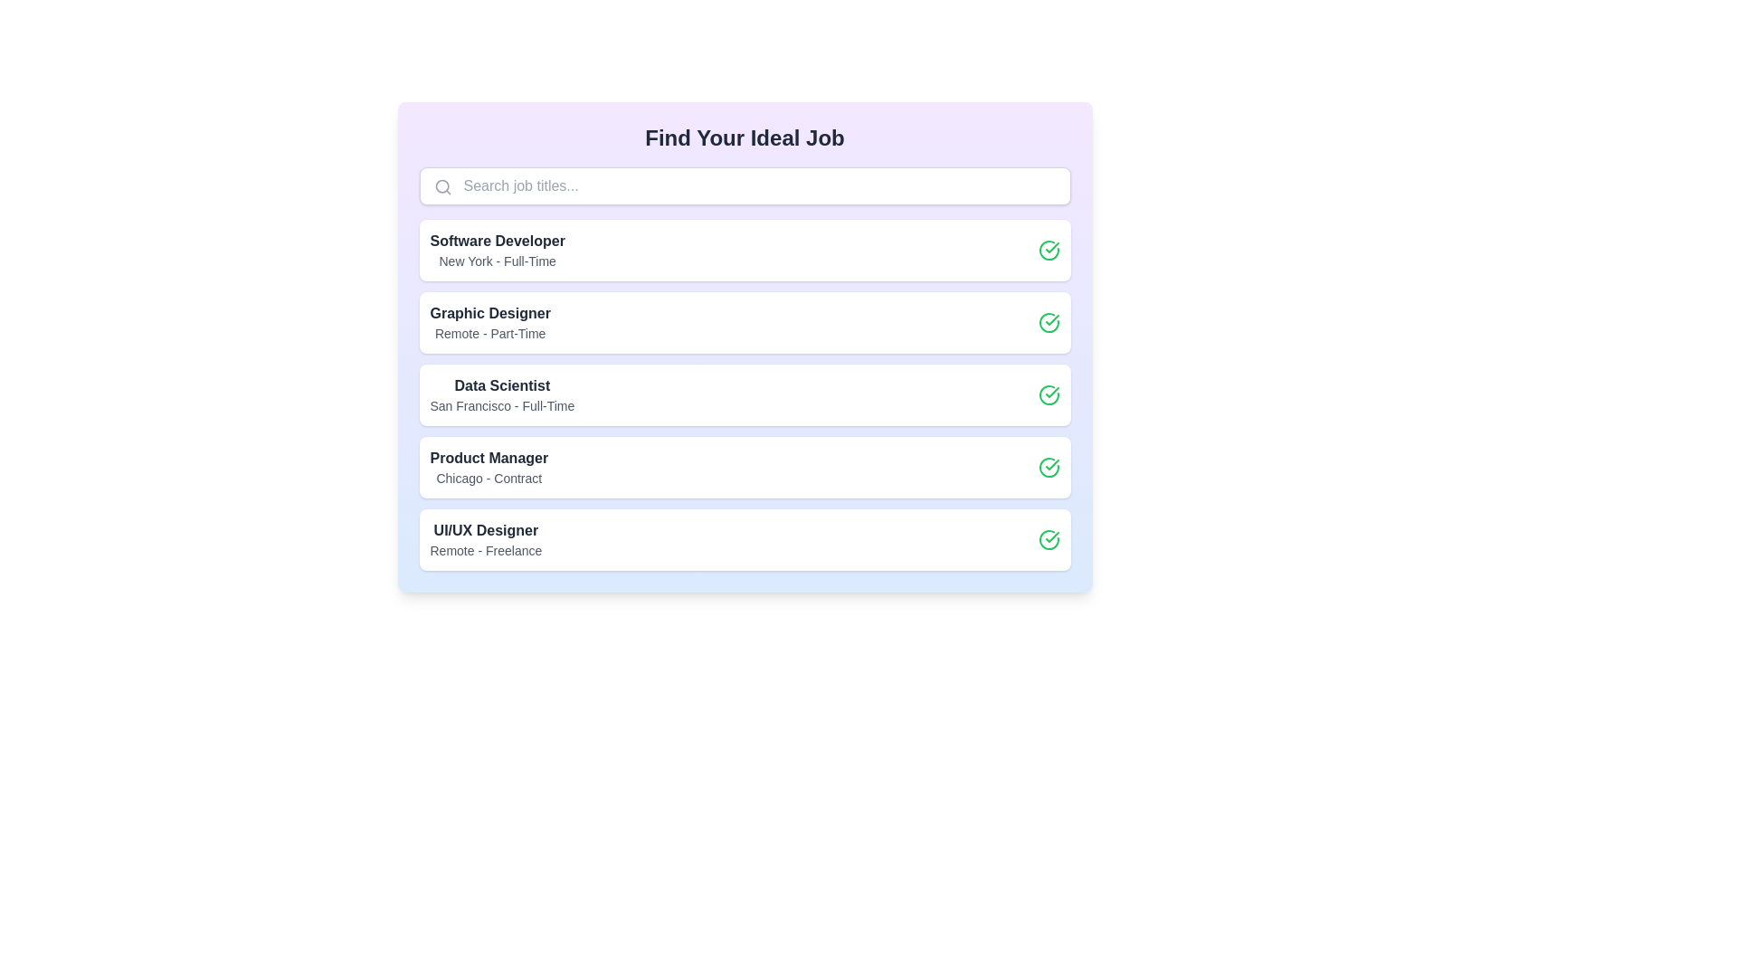 The height and width of the screenshot is (977, 1737). What do you see at coordinates (1049, 251) in the screenshot?
I see `the circular green outlined icon with a checkmark symbol, located at the top-right corner of the job listing 'Software Developer New York - Full-Time'` at bounding box center [1049, 251].